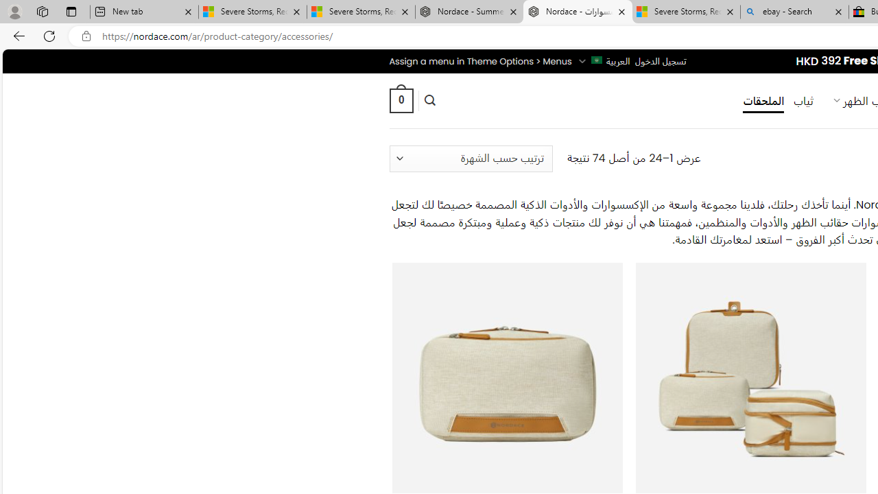 Image resolution: width=878 pixels, height=494 pixels. What do you see at coordinates (480, 60) in the screenshot?
I see `'Assign a menu in Theme Options > Menus'` at bounding box center [480, 60].